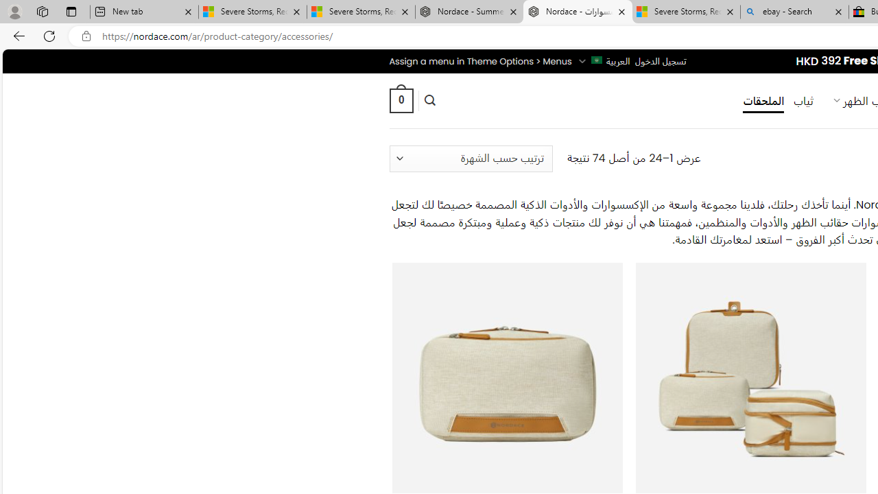 Image resolution: width=878 pixels, height=494 pixels. What do you see at coordinates (480, 60) in the screenshot?
I see `'Assign a menu in Theme Options > Menus'` at bounding box center [480, 60].